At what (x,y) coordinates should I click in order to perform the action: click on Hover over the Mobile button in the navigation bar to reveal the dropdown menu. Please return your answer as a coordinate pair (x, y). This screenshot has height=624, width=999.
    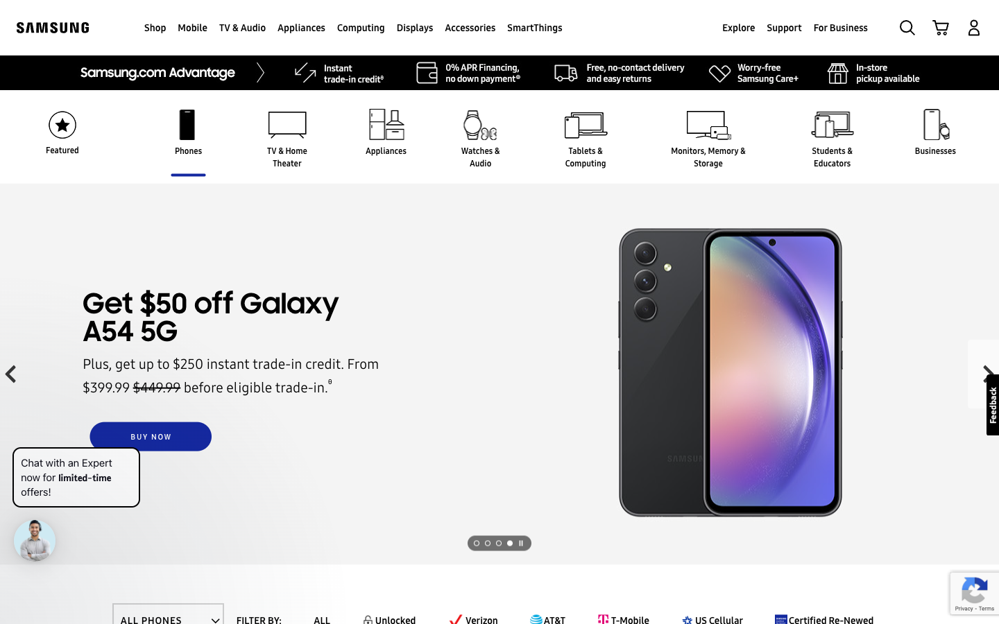
    Looking at the image, I should click on (277222, 24960).